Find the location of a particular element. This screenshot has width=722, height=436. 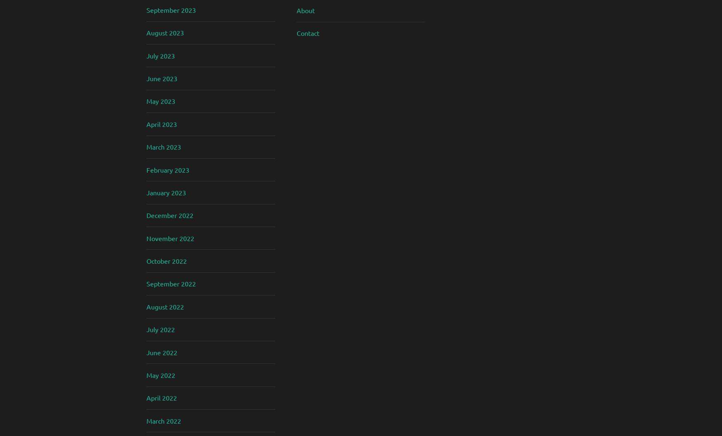

'June 2022' is located at coordinates (146, 352).